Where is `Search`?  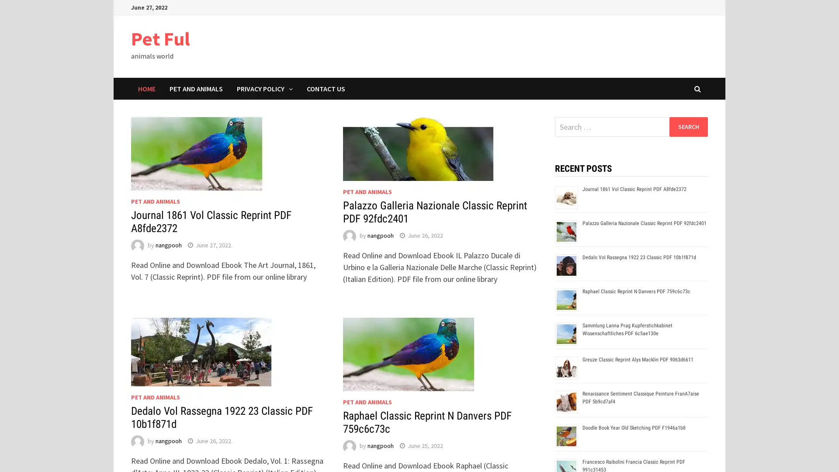 Search is located at coordinates (688, 126).